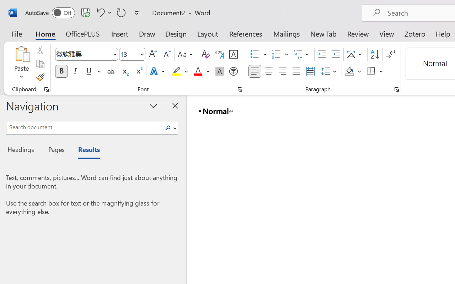 The height and width of the screenshot is (284, 455). What do you see at coordinates (152, 54) in the screenshot?
I see `'Grow Font'` at bounding box center [152, 54].